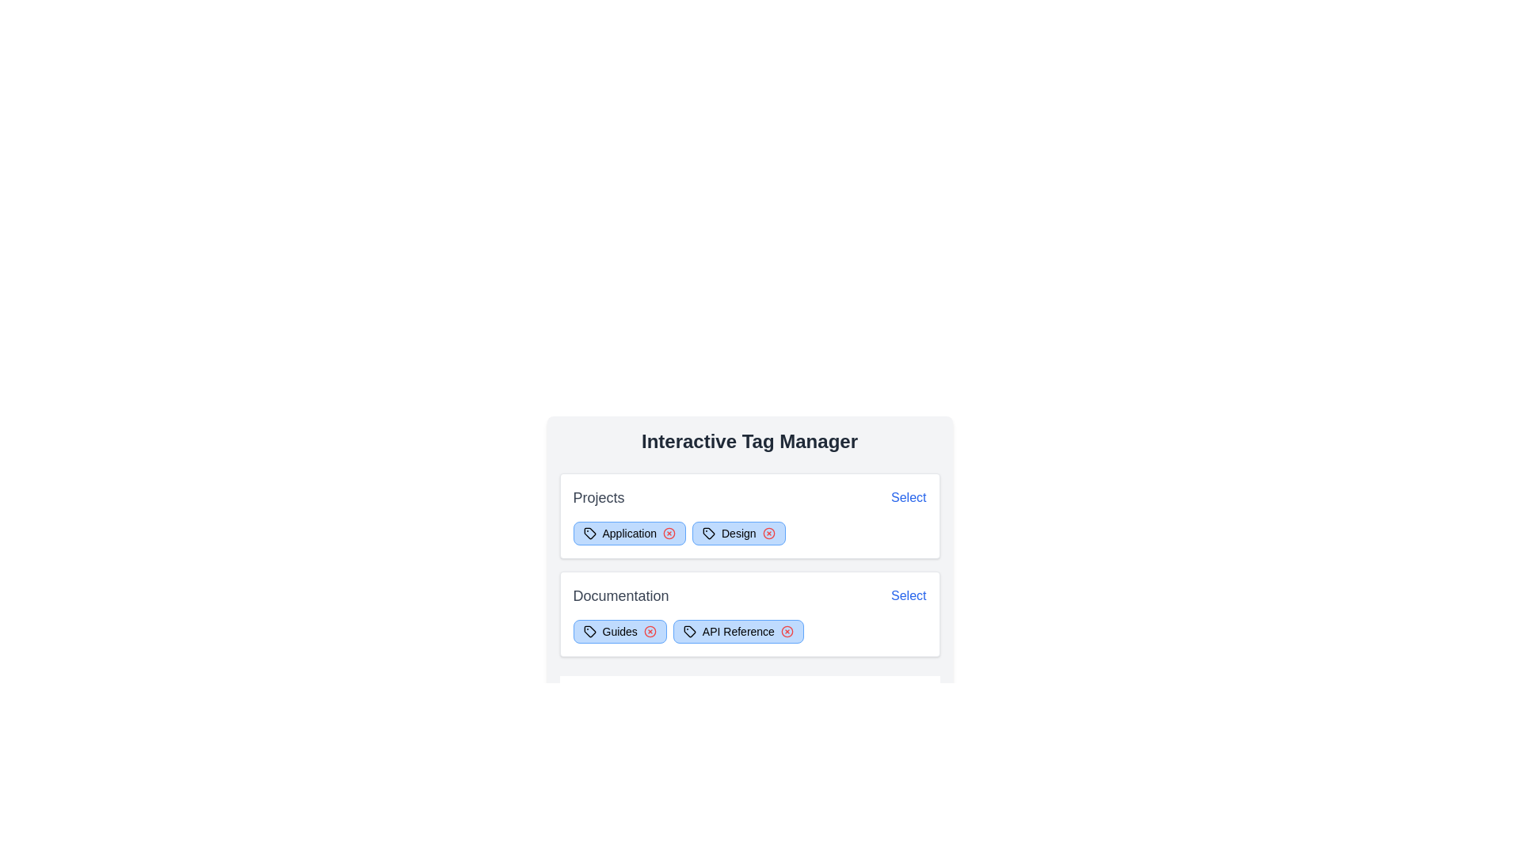 The image size is (1521, 855). What do you see at coordinates (707, 534) in the screenshot?
I see `the 'Design' button which contains a tag-shaped SVG icon with a circular dot inside, located in the 'Projects' section` at bounding box center [707, 534].